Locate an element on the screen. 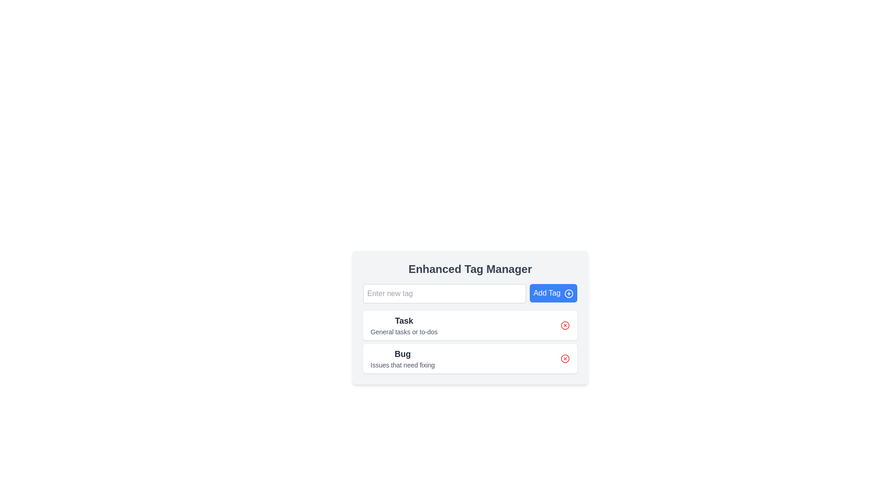 Image resolution: width=886 pixels, height=498 pixels. the list item labeled 'Bug' is located at coordinates (470, 358).